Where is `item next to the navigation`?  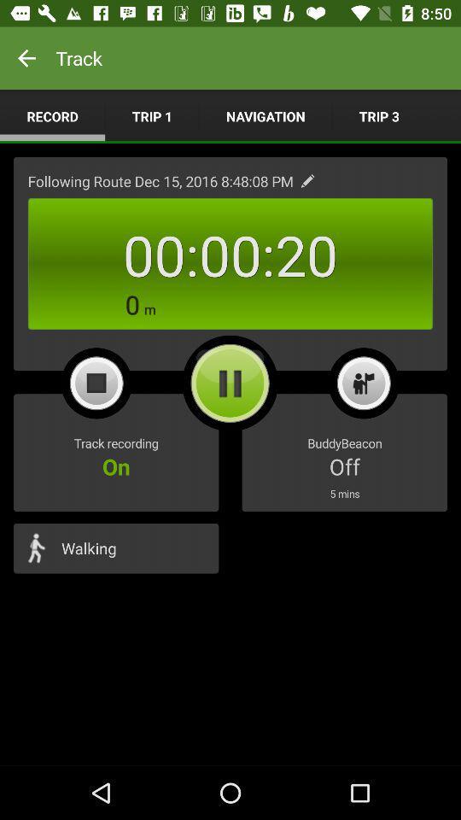 item next to the navigation is located at coordinates (152, 115).